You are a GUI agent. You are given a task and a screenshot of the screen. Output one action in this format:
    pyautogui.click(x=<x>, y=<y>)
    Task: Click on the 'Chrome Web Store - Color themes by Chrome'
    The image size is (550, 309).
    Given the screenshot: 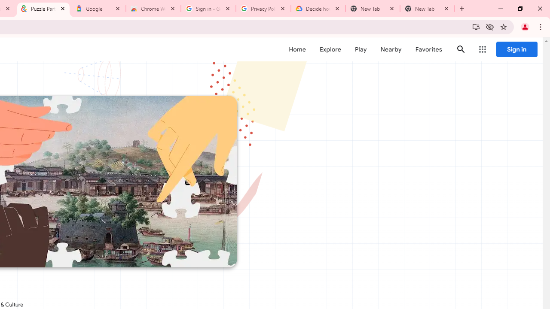 What is the action you would take?
    pyautogui.click(x=153, y=9)
    